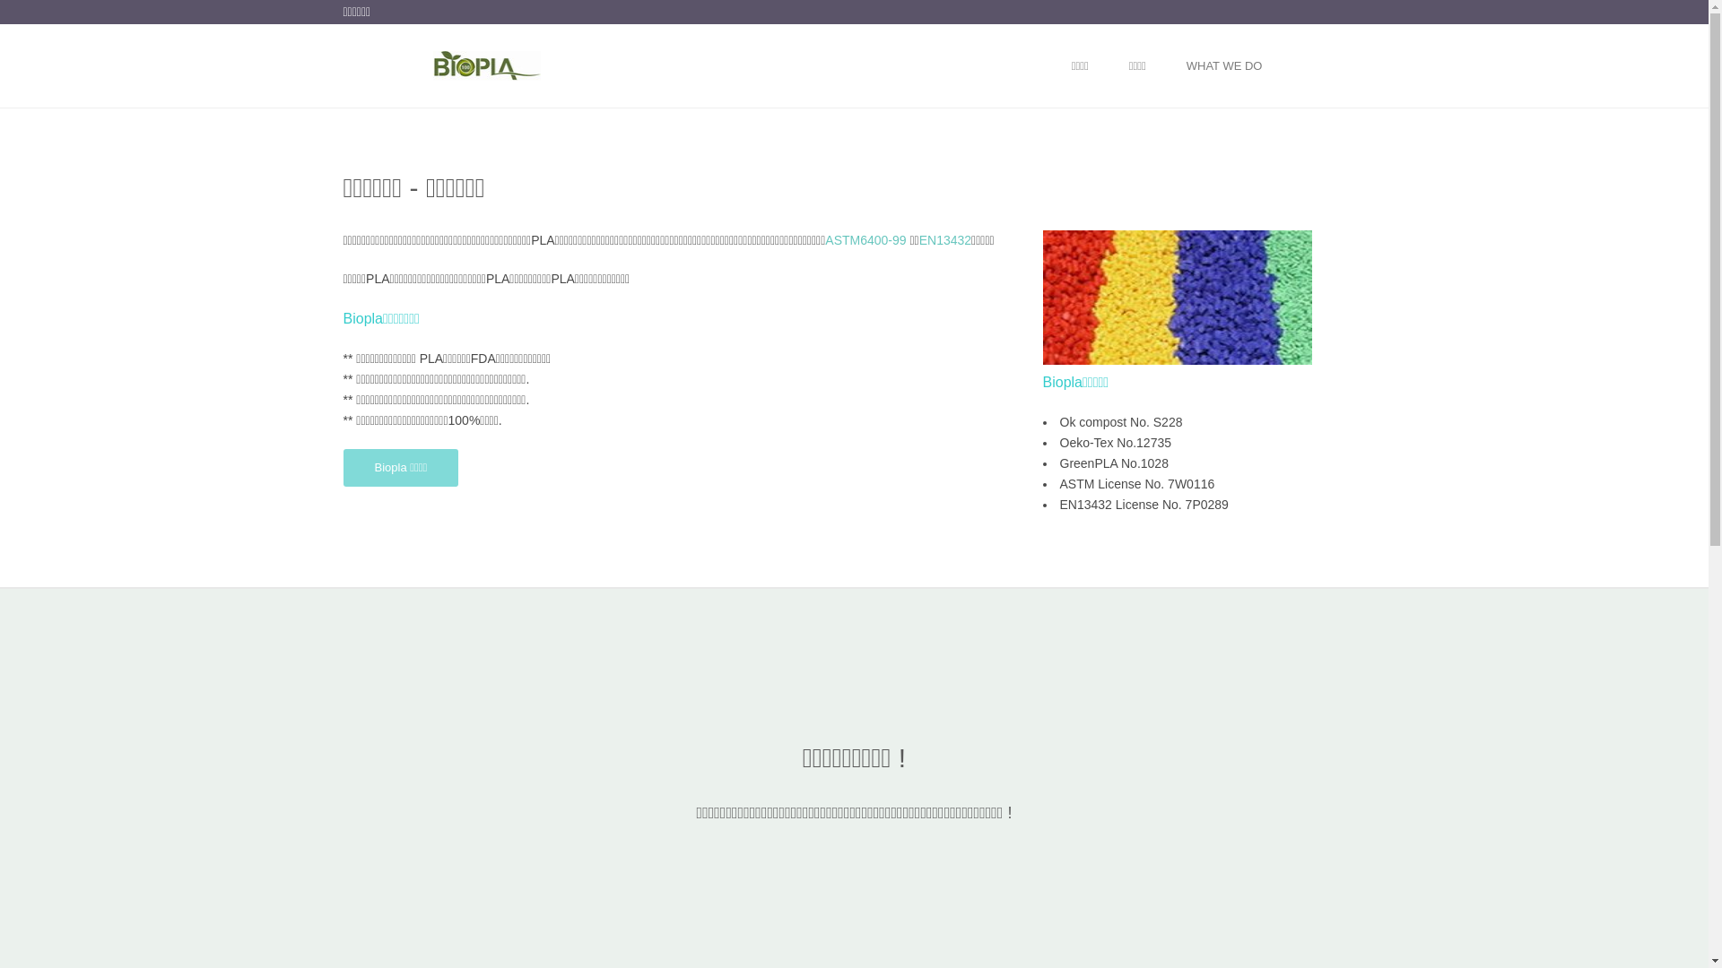 This screenshot has height=968, width=1722. Describe the element at coordinates (865, 238) in the screenshot. I see `'ASTM6400-99'` at that location.